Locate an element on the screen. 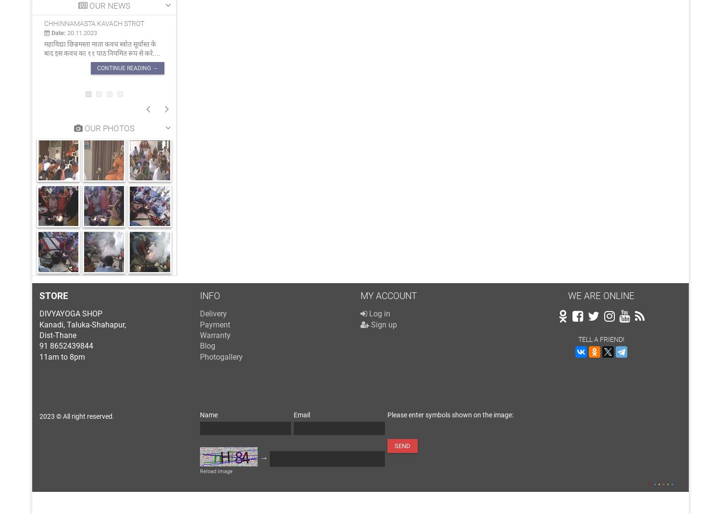 Image resolution: width=721 pixels, height=514 pixels. 'Our news' is located at coordinates (108, 5).